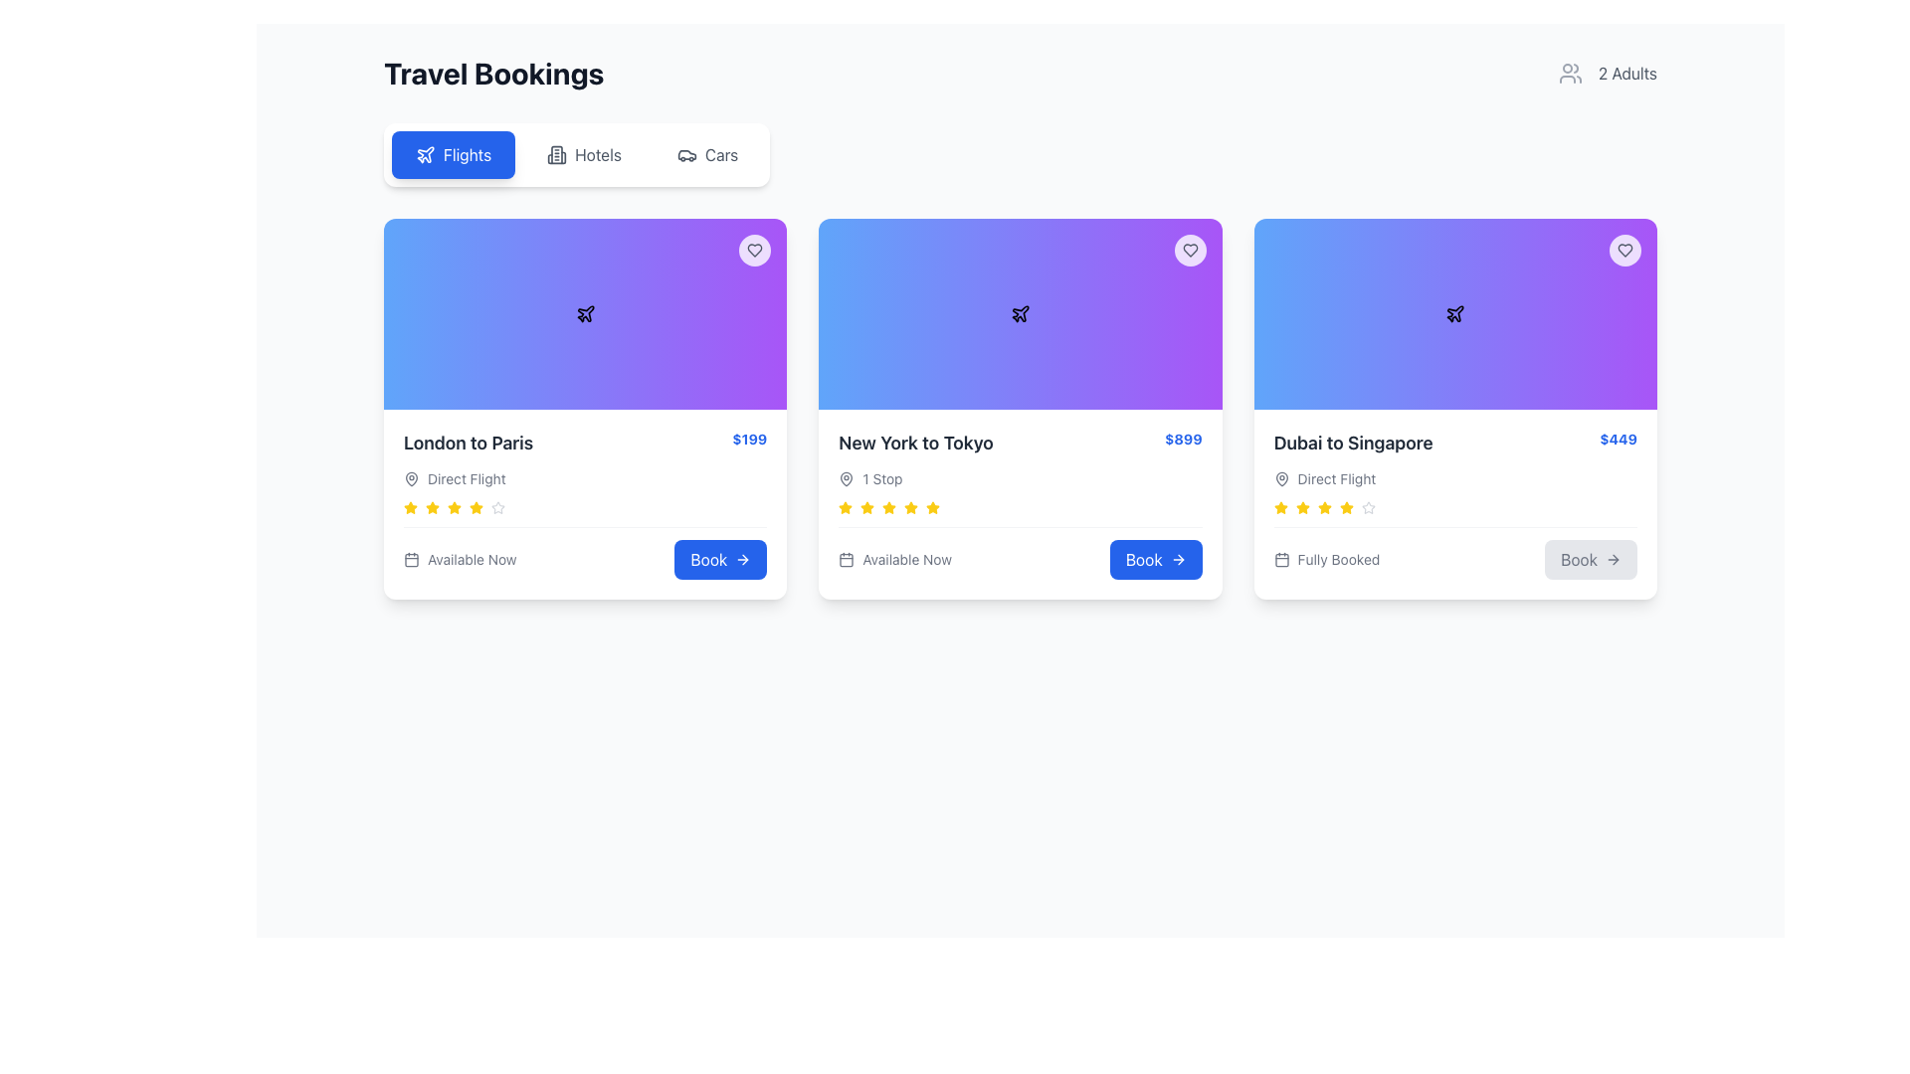 This screenshot has height=1074, width=1910. I want to click on the 'Book' button located in the bottom-right corner of the card for the 'New York to Tokyo' trip, styled with a bright blue background and white text, so click(1156, 560).